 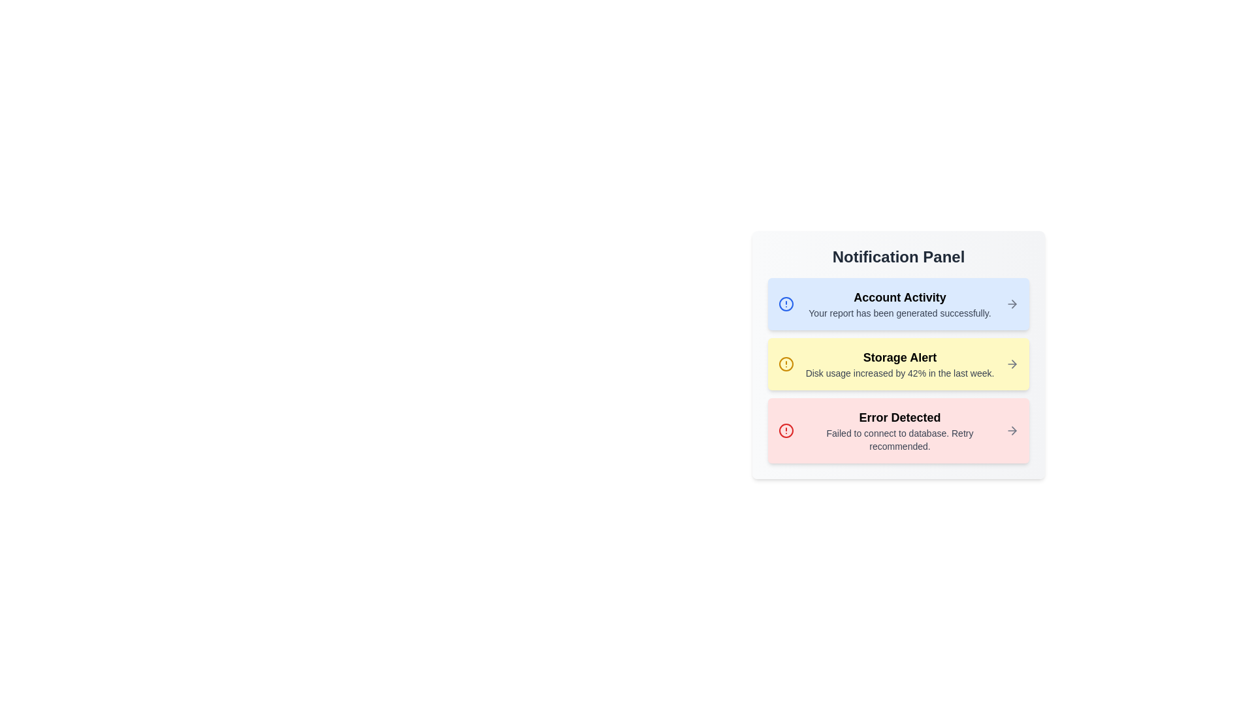 I want to click on the notification icon corresponding to Error Detected, so click(x=786, y=430).